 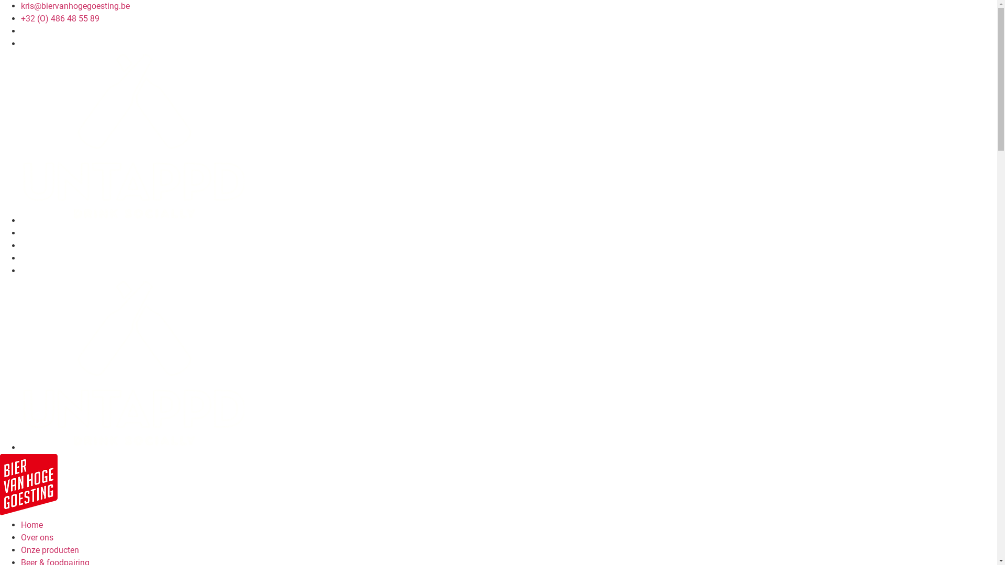 What do you see at coordinates (20, 18) in the screenshot?
I see `'+32 (O) 486 48 55 89'` at bounding box center [20, 18].